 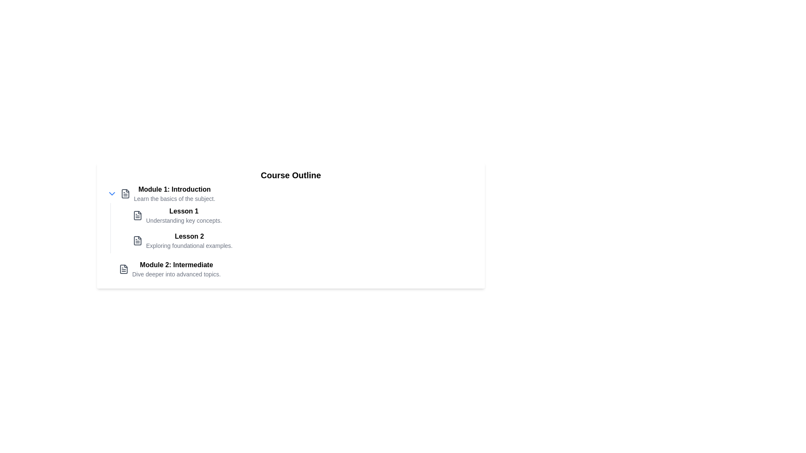 I want to click on textual description of 'Module 2: Intermediate', which includes a bold title and a lighter description, located under 'Module 1: Introduction' in the course outline, so click(x=176, y=269).